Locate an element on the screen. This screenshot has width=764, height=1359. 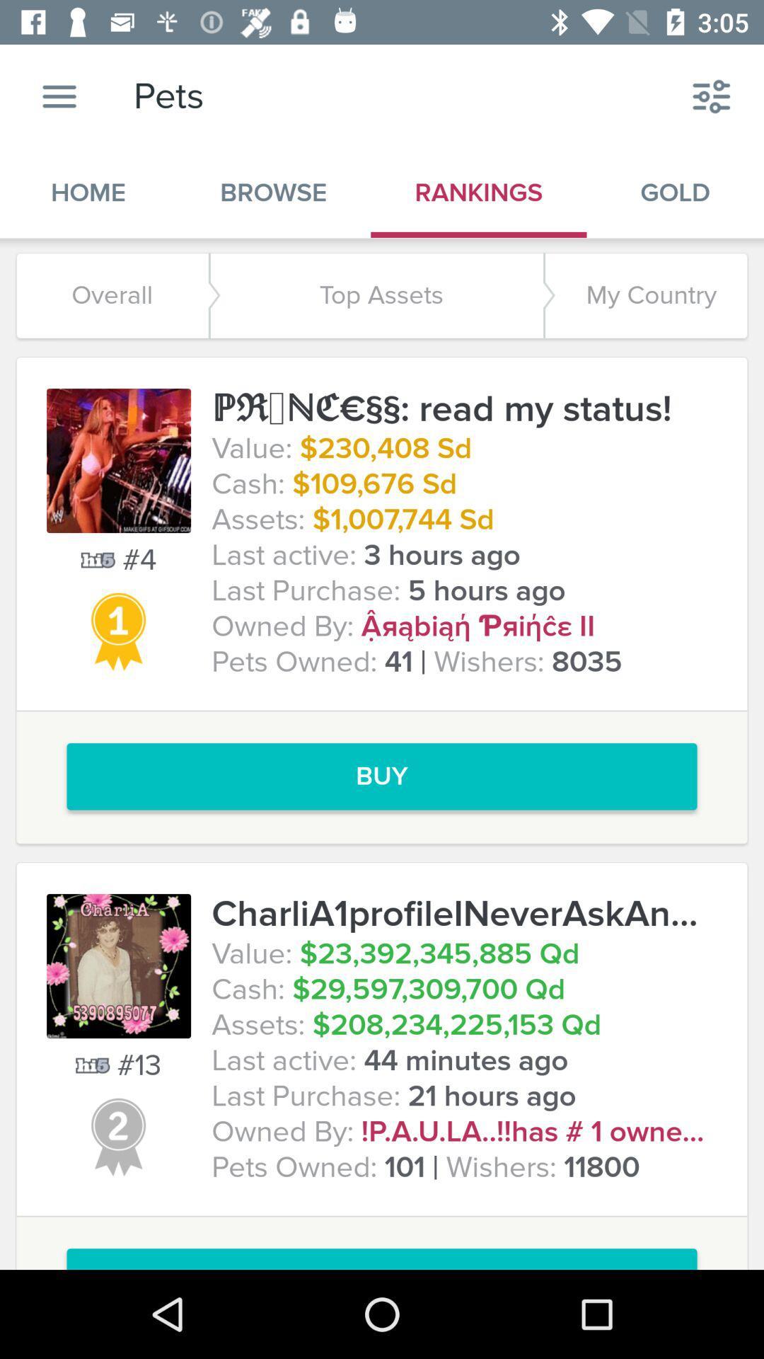
the item to the right of rankings icon is located at coordinates (712, 96).